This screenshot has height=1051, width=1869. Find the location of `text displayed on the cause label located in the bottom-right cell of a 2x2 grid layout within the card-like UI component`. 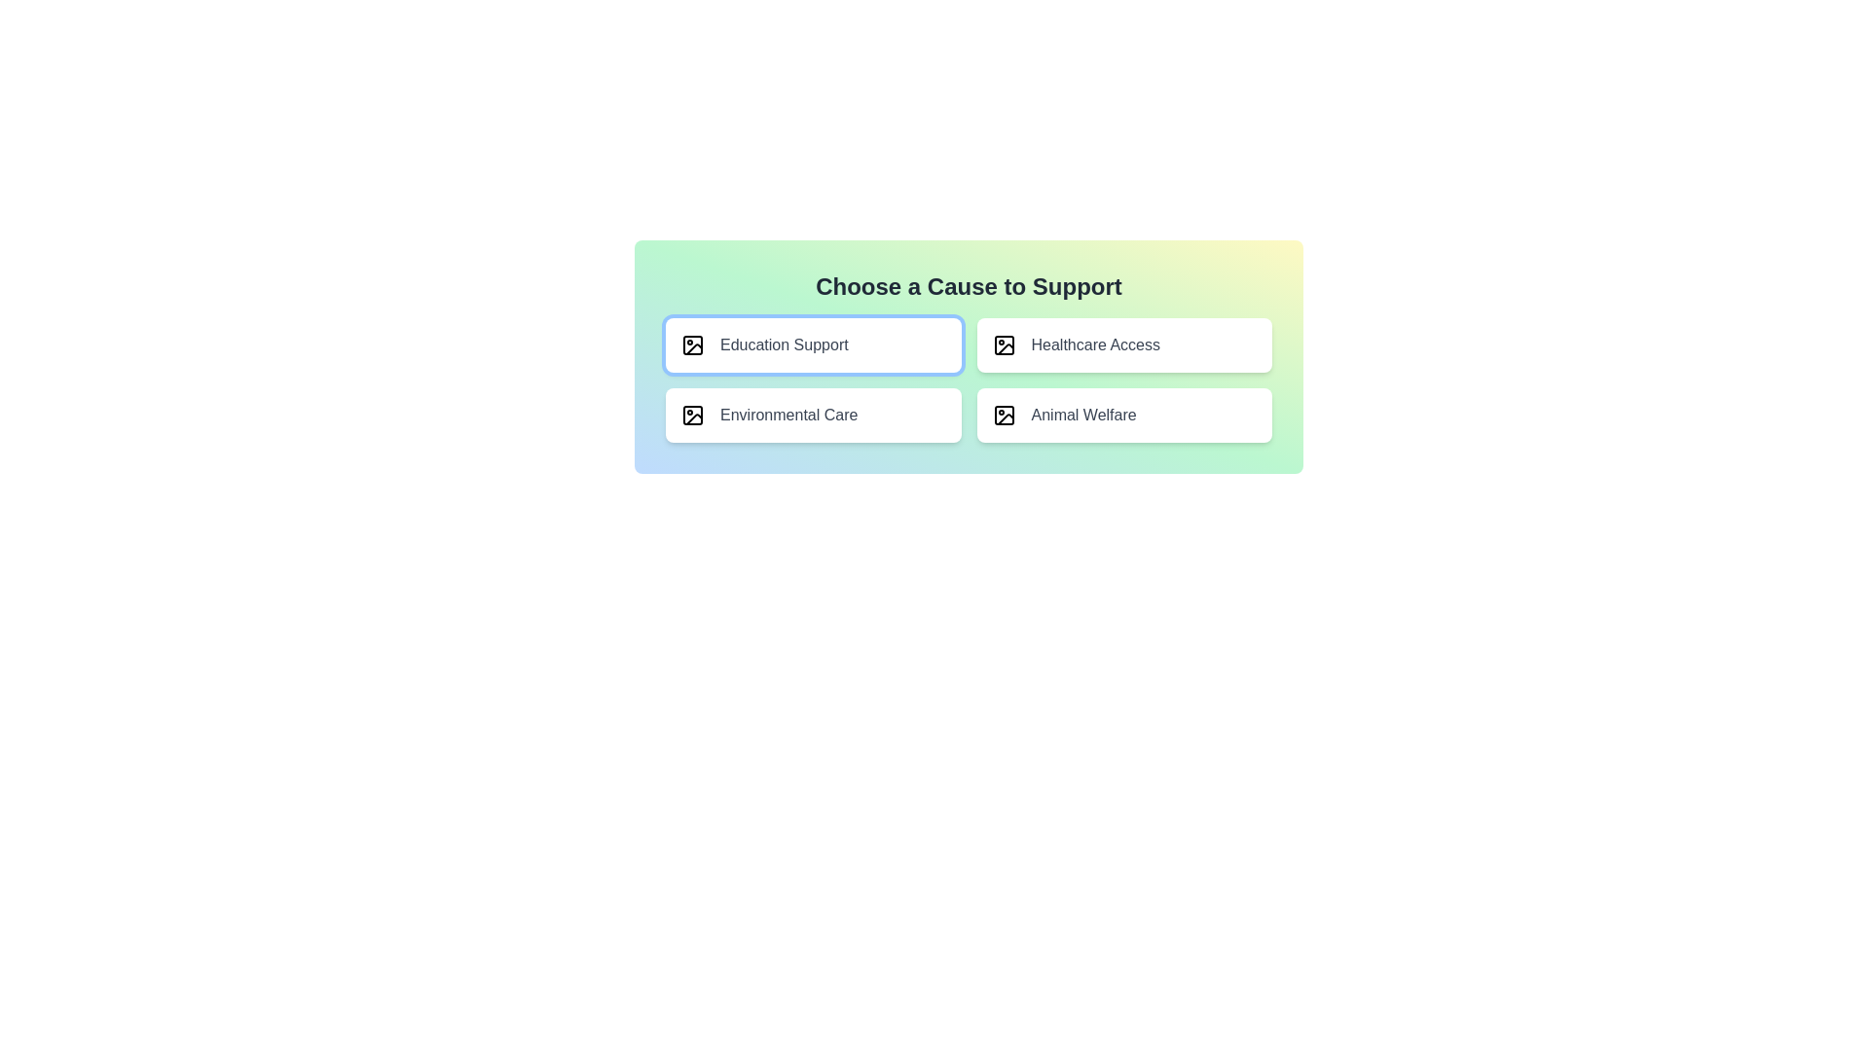

text displayed on the cause label located in the bottom-right cell of a 2x2 grid layout within the card-like UI component is located at coordinates (1063, 415).